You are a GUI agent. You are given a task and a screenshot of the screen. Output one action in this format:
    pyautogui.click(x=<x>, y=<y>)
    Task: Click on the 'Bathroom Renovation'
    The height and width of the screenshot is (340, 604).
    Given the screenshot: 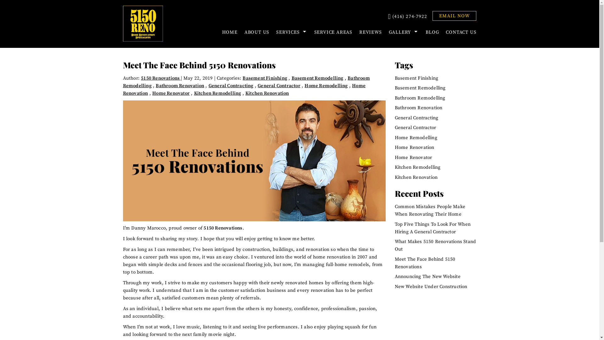 What is the action you would take?
    pyautogui.click(x=179, y=86)
    